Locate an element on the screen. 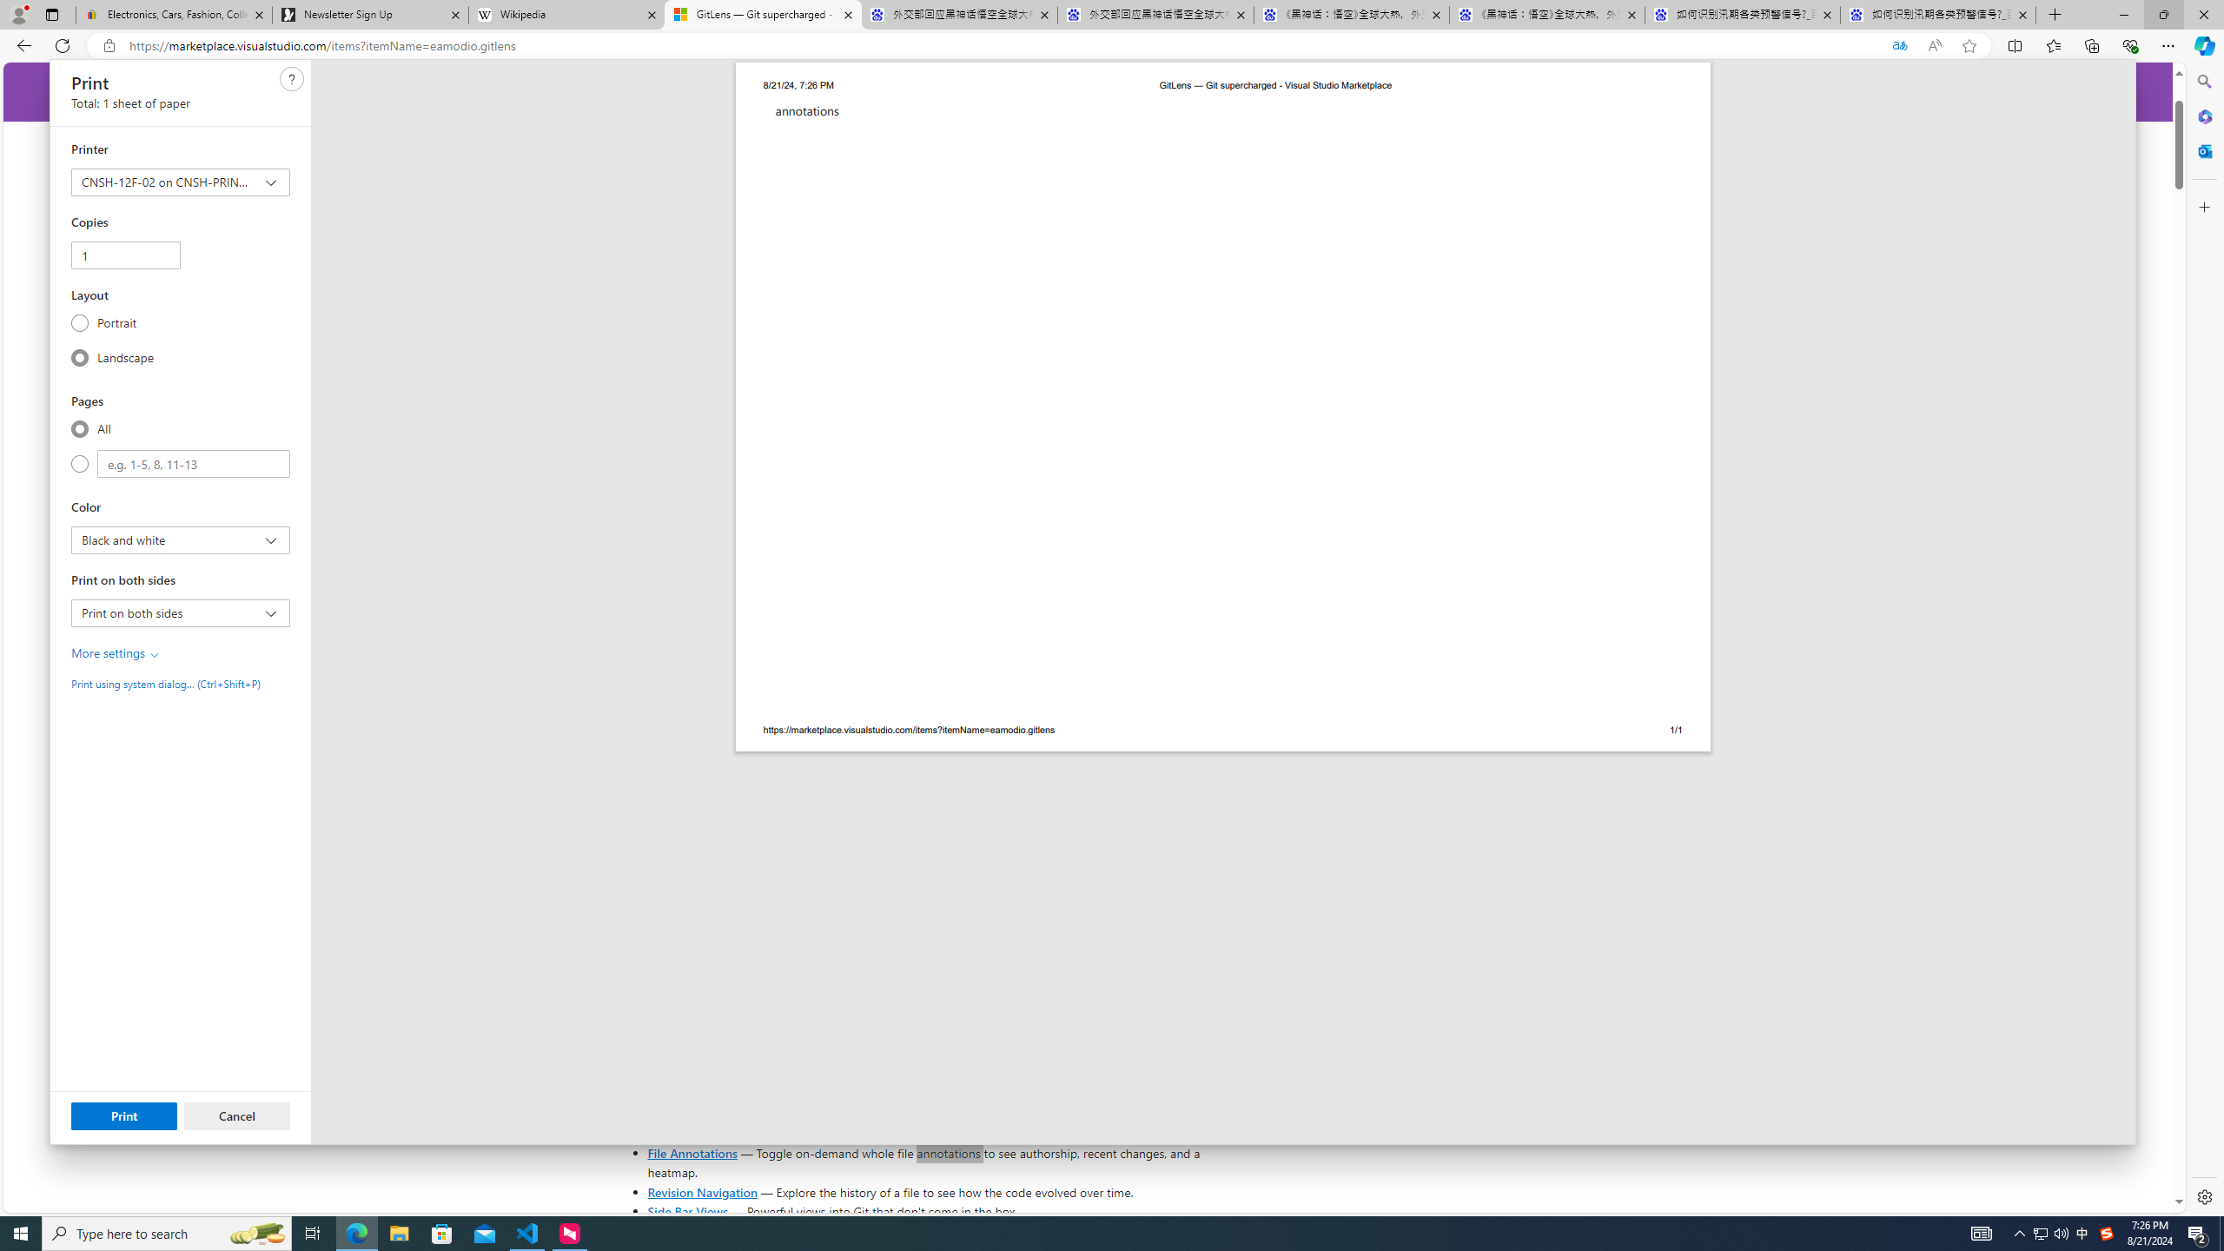 Image resolution: width=2224 pixels, height=1251 pixels. 'Printer CNSH-12F-02 on CNSH-PRINT-01' is located at coordinates (180, 182).